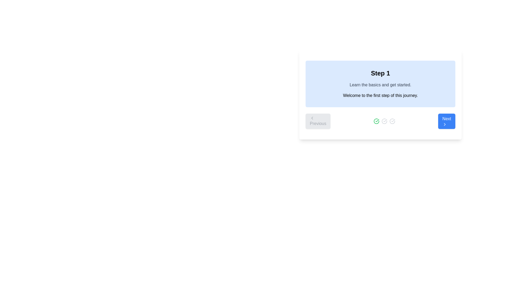 Image resolution: width=508 pixels, height=286 pixels. Describe the element at coordinates (380, 84) in the screenshot. I see `informational text 'Learn the basics and get started.' which is styled in gray and is positioned centrally between the heading 'Step 1' and the supportive description in a light blue background` at that location.